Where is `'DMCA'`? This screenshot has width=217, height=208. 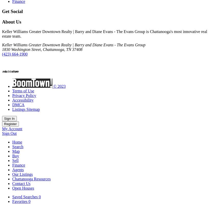
'DMCA' is located at coordinates (18, 105).